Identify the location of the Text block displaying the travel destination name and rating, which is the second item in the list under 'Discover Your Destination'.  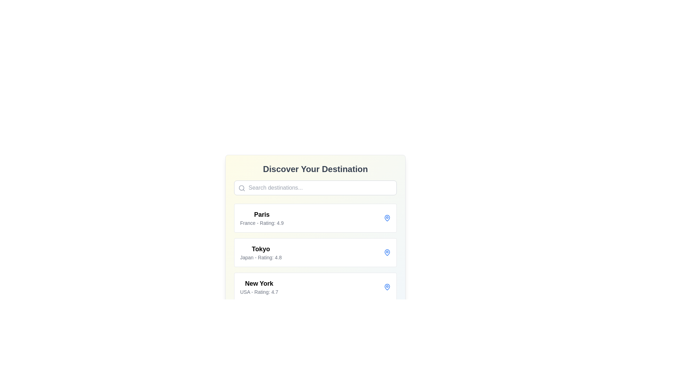
(261, 252).